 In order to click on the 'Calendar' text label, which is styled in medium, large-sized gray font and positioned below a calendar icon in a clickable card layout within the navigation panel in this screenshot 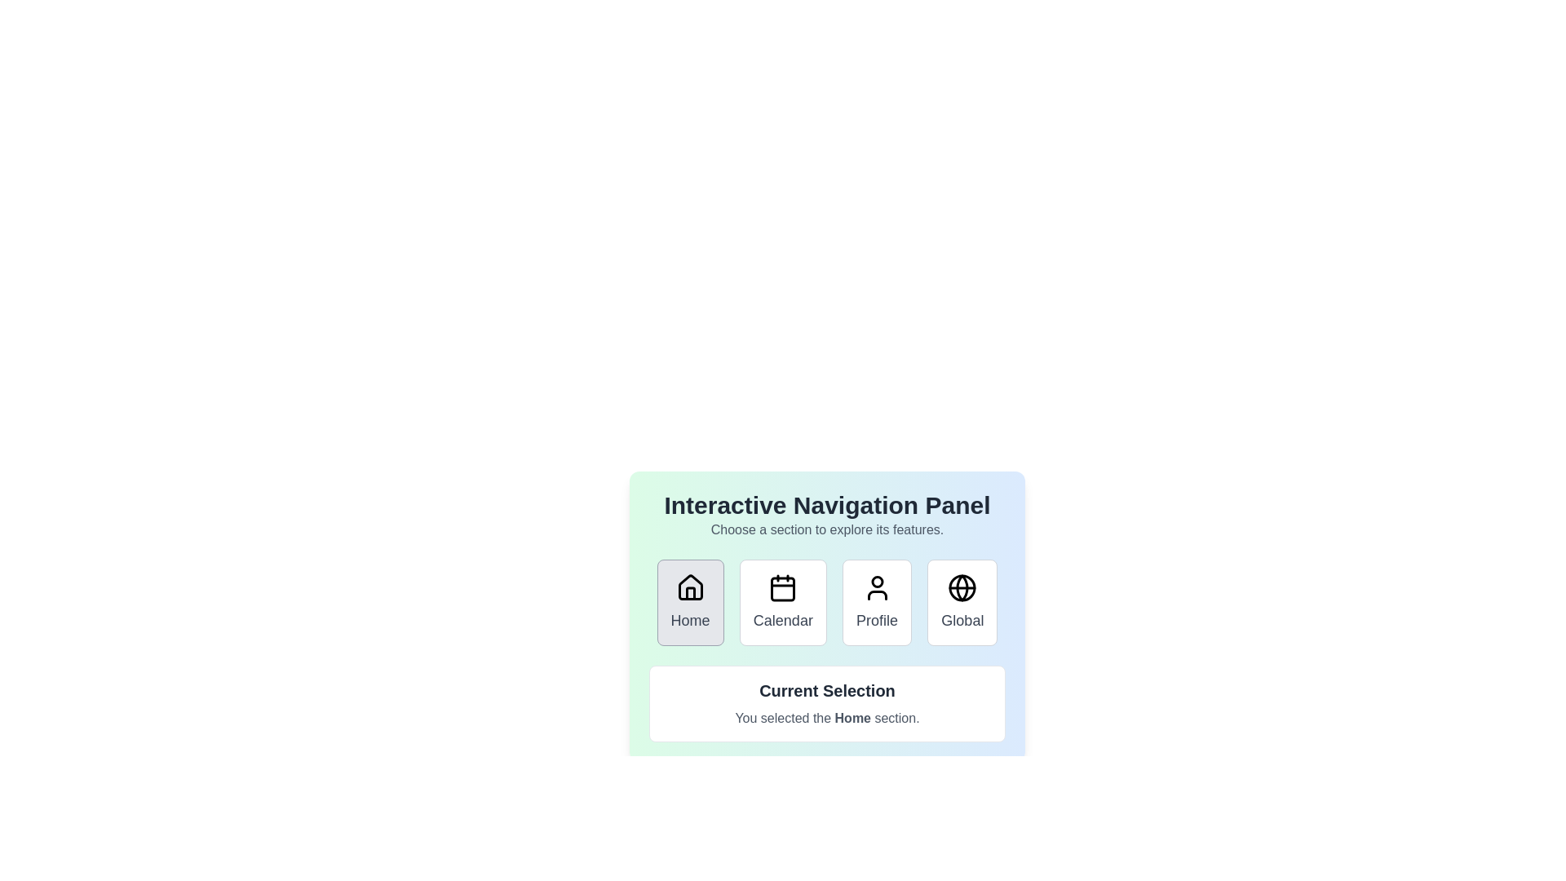, I will do `click(783, 620)`.